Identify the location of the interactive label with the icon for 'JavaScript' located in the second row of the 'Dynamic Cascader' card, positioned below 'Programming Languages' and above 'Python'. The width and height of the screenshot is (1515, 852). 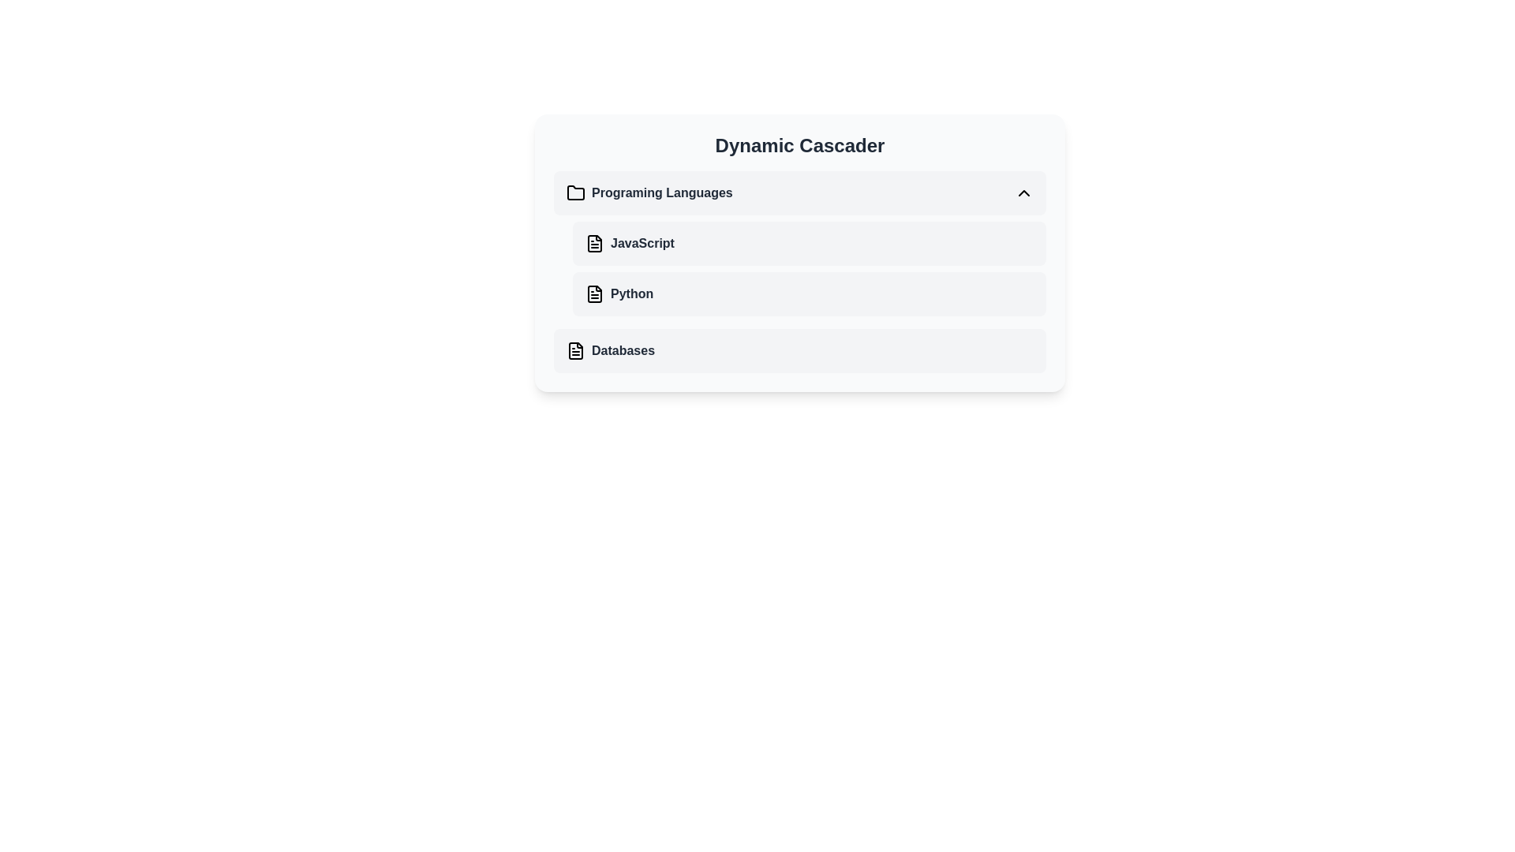
(629, 243).